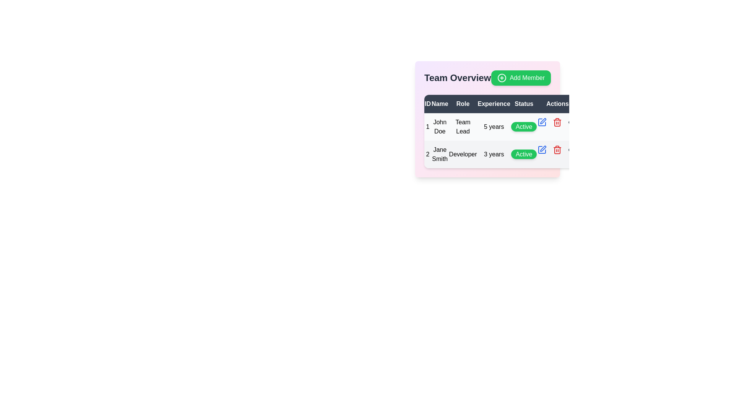 The width and height of the screenshot is (734, 413). What do you see at coordinates (523, 126) in the screenshot?
I see `the Status indicator button labeled 'Active' for John Doe, which is a green pill-shaped button with white text in the first row of the Status column` at bounding box center [523, 126].